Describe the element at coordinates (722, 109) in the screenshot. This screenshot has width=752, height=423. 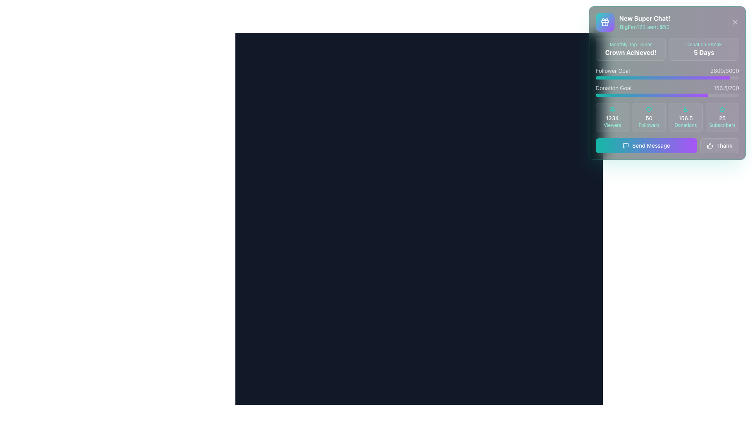
I see `the teal star-shaped icon located in the lower section of the pop-up box` at that location.